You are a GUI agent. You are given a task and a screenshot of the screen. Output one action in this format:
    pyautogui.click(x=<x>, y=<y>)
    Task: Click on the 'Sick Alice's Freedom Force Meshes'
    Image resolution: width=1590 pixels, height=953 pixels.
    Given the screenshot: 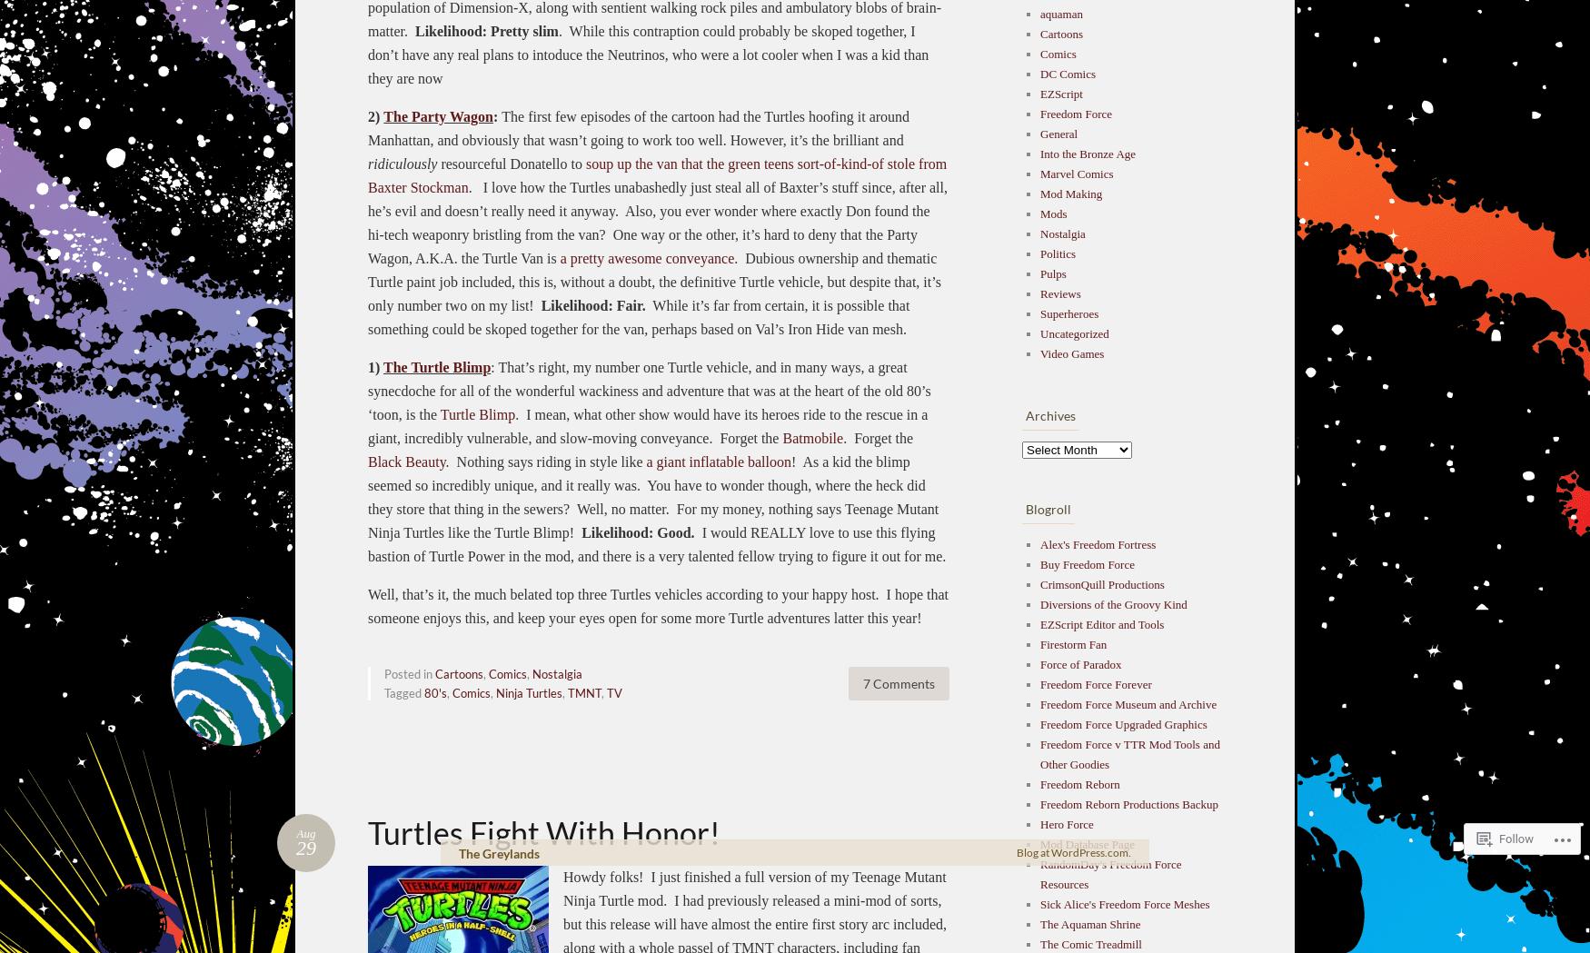 What is the action you would take?
    pyautogui.click(x=1124, y=902)
    